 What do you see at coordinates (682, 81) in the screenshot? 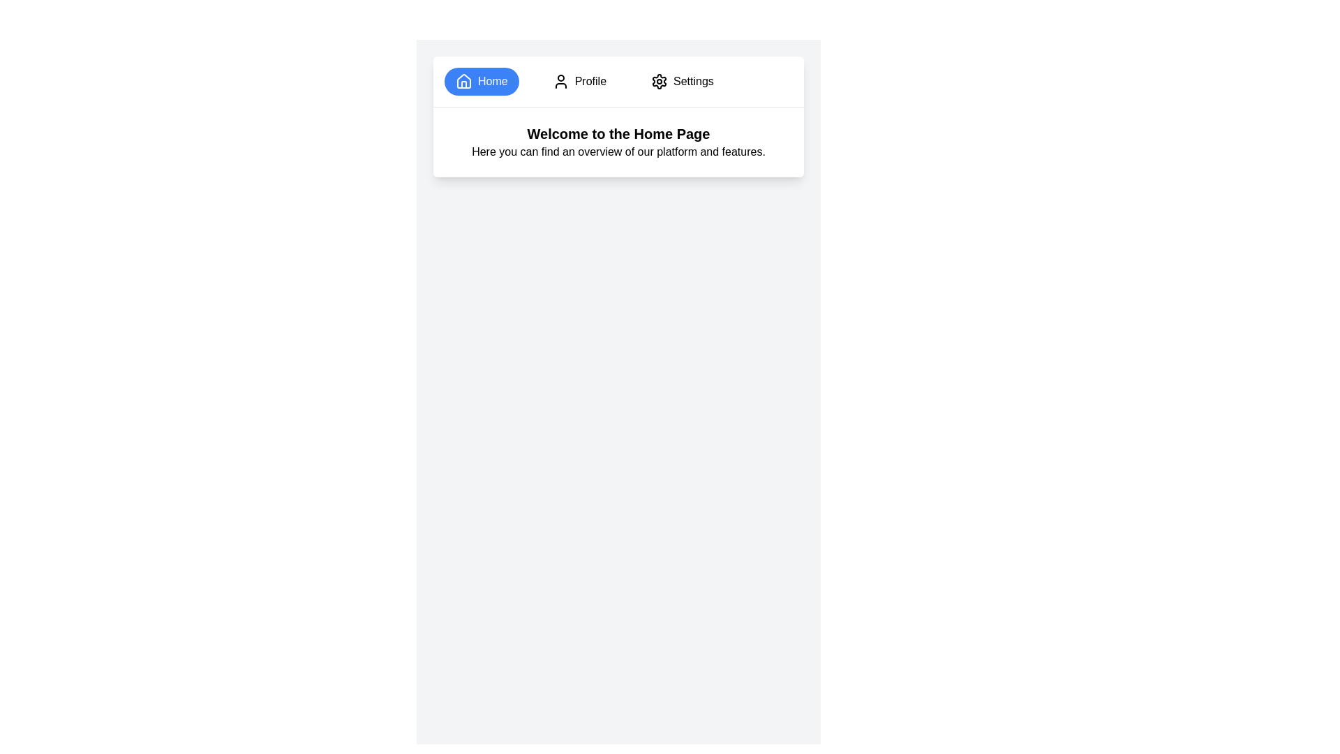
I see `the 'Settings' button, which is the third button from the left in the navigation bar with a gear icon and white background, to change its background color to light blue` at bounding box center [682, 81].